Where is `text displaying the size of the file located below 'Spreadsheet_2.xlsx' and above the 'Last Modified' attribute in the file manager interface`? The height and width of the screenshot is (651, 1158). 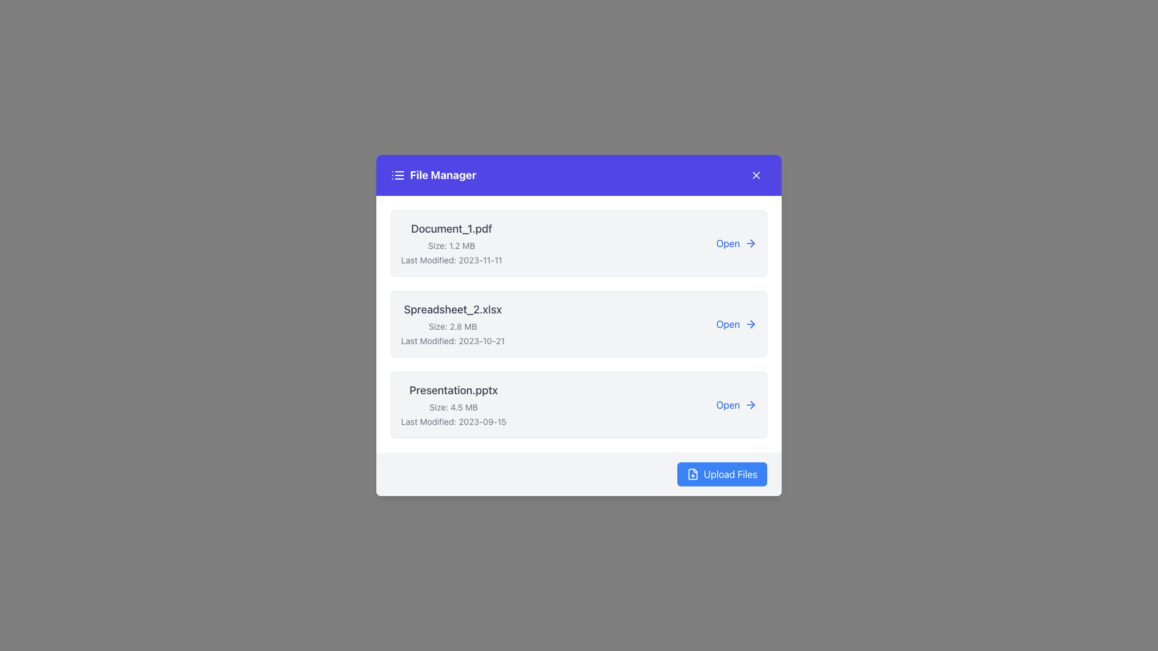
text displaying the size of the file located below 'Spreadsheet_2.xlsx' and above the 'Last Modified' attribute in the file manager interface is located at coordinates (452, 327).